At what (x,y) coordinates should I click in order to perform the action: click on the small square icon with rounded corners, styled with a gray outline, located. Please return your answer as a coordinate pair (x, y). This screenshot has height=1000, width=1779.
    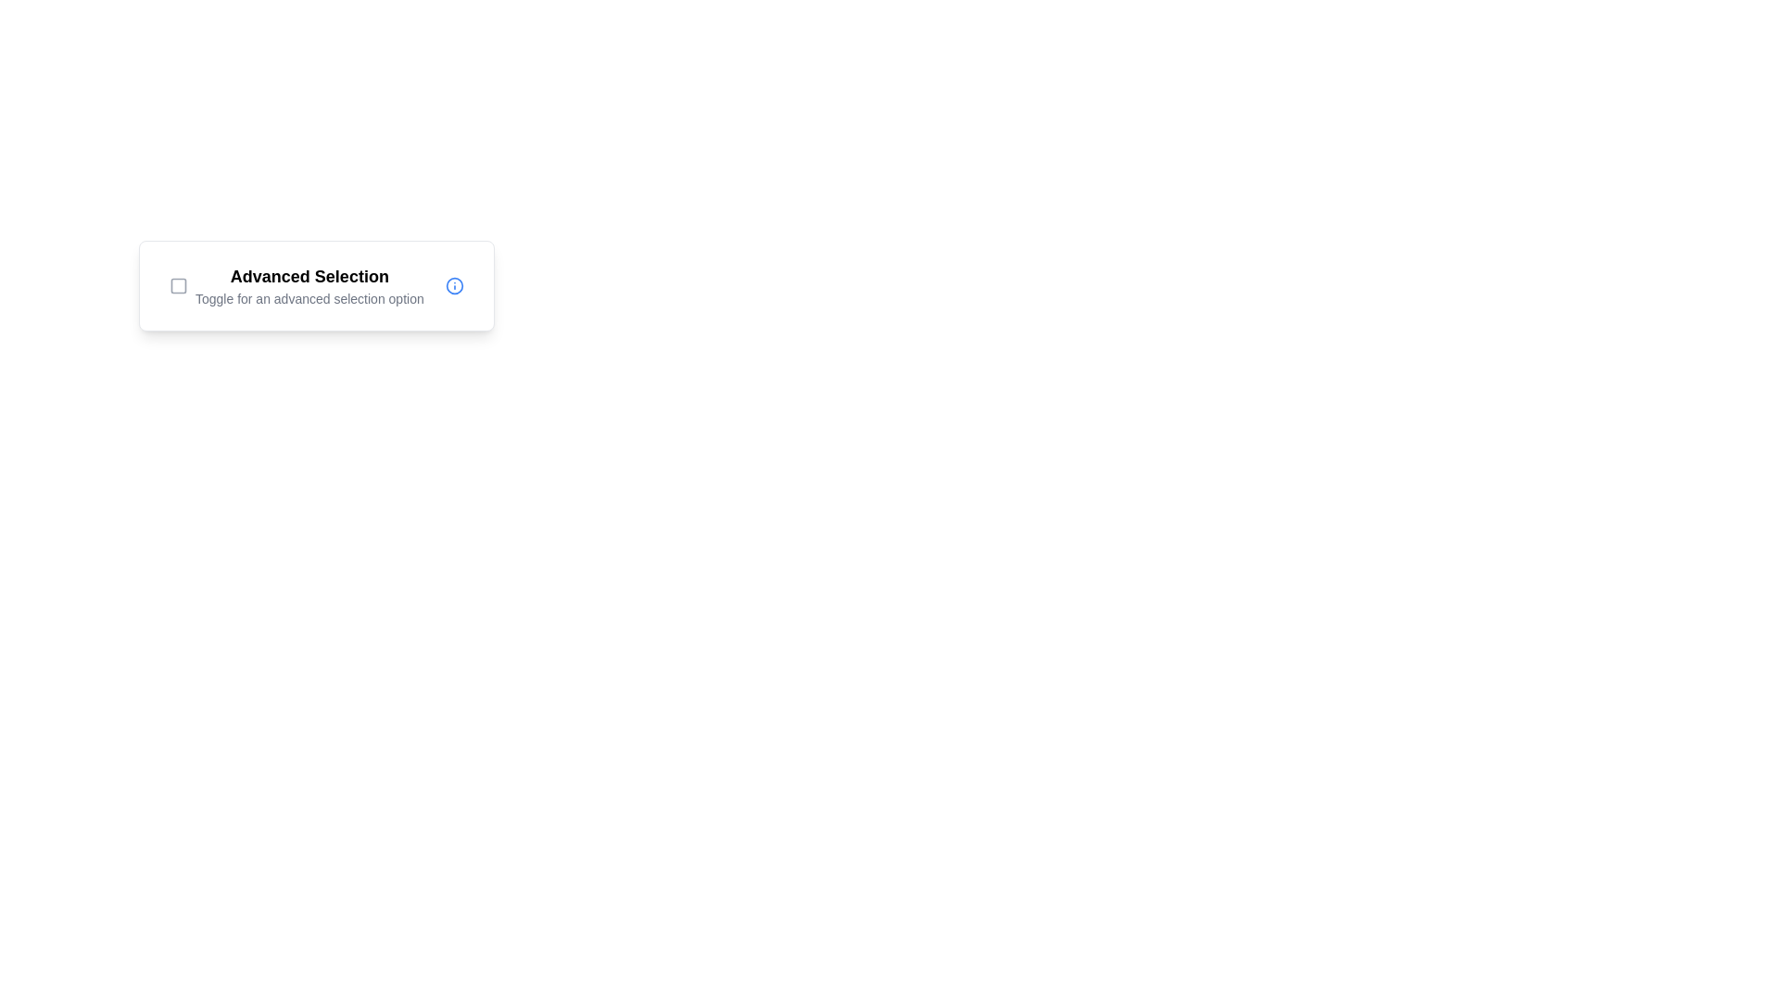
    Looking at the image, I should click on (178, 285).